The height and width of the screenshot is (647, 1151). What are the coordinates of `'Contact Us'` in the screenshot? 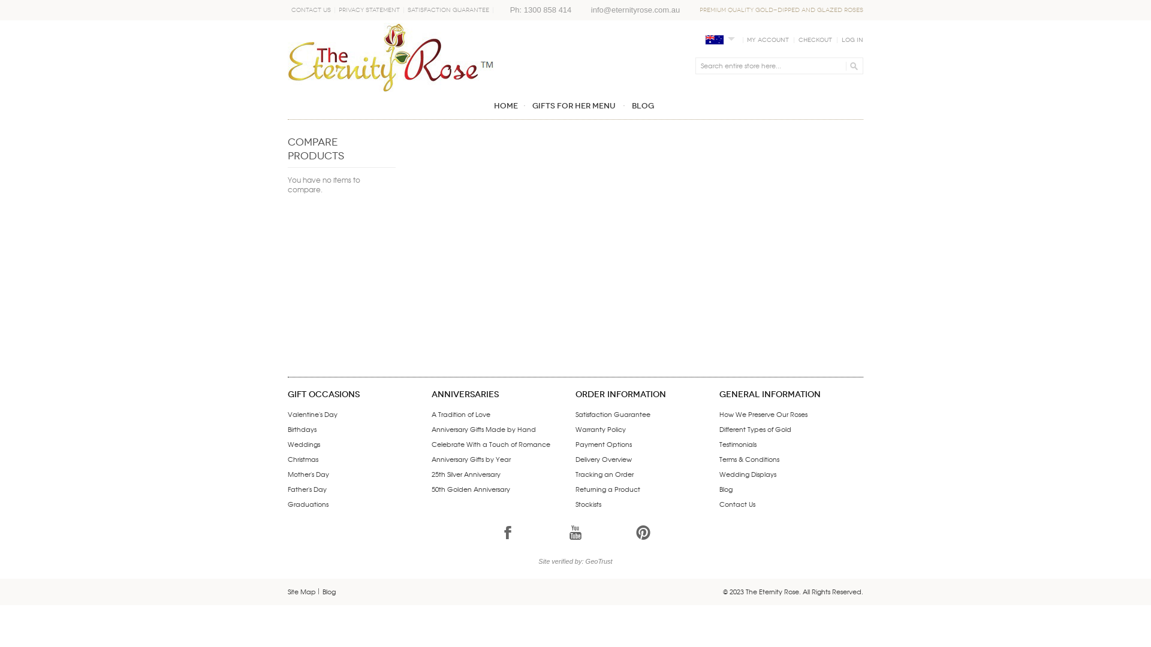 It's located at (311, 10).